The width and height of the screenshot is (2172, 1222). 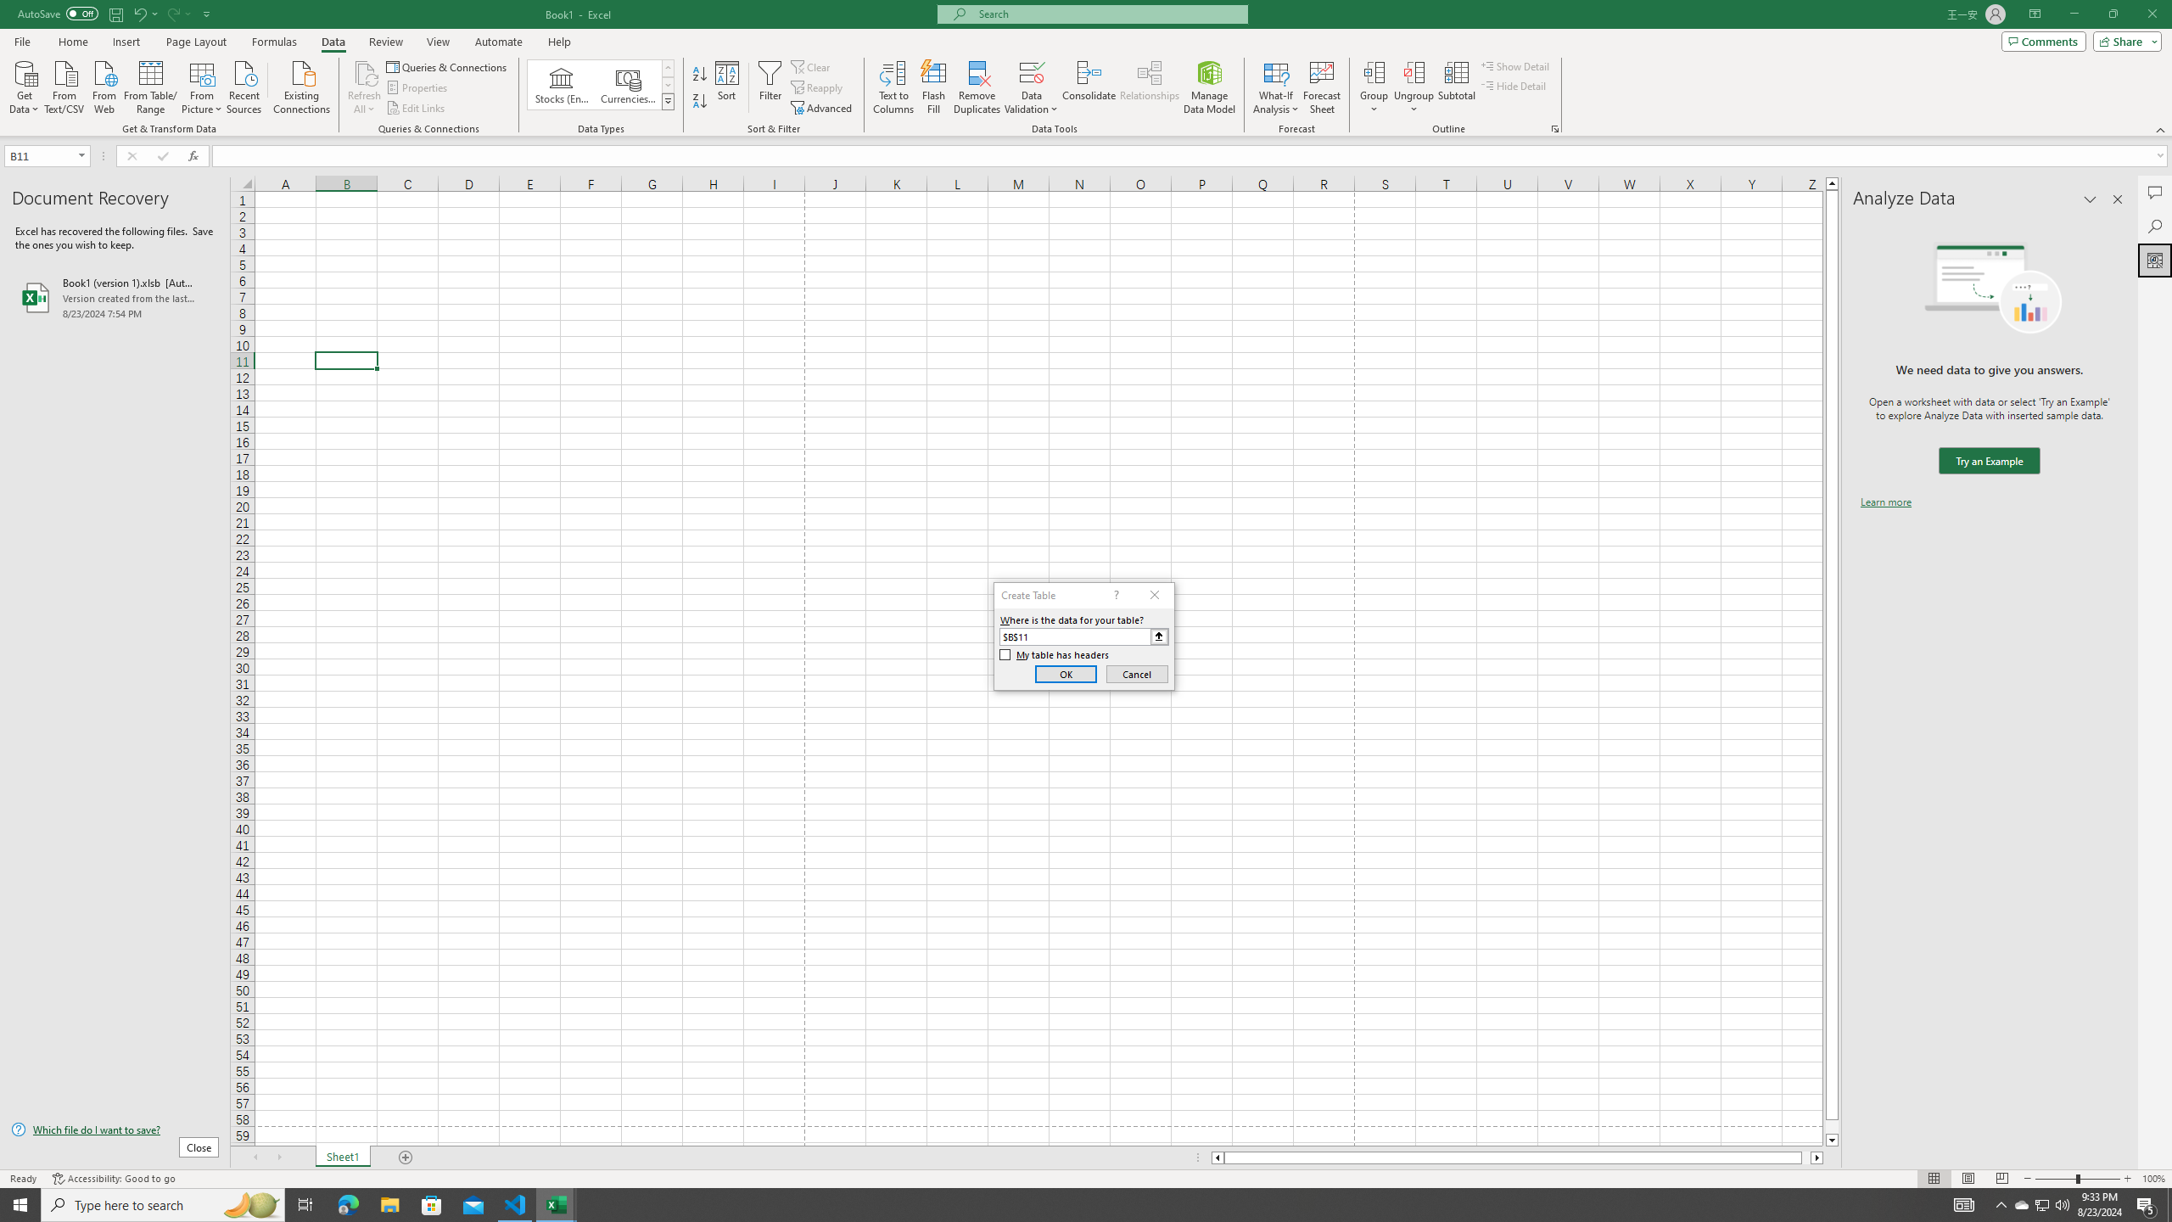 I want to click on 'AutoSave', so click(x=59, y=13).